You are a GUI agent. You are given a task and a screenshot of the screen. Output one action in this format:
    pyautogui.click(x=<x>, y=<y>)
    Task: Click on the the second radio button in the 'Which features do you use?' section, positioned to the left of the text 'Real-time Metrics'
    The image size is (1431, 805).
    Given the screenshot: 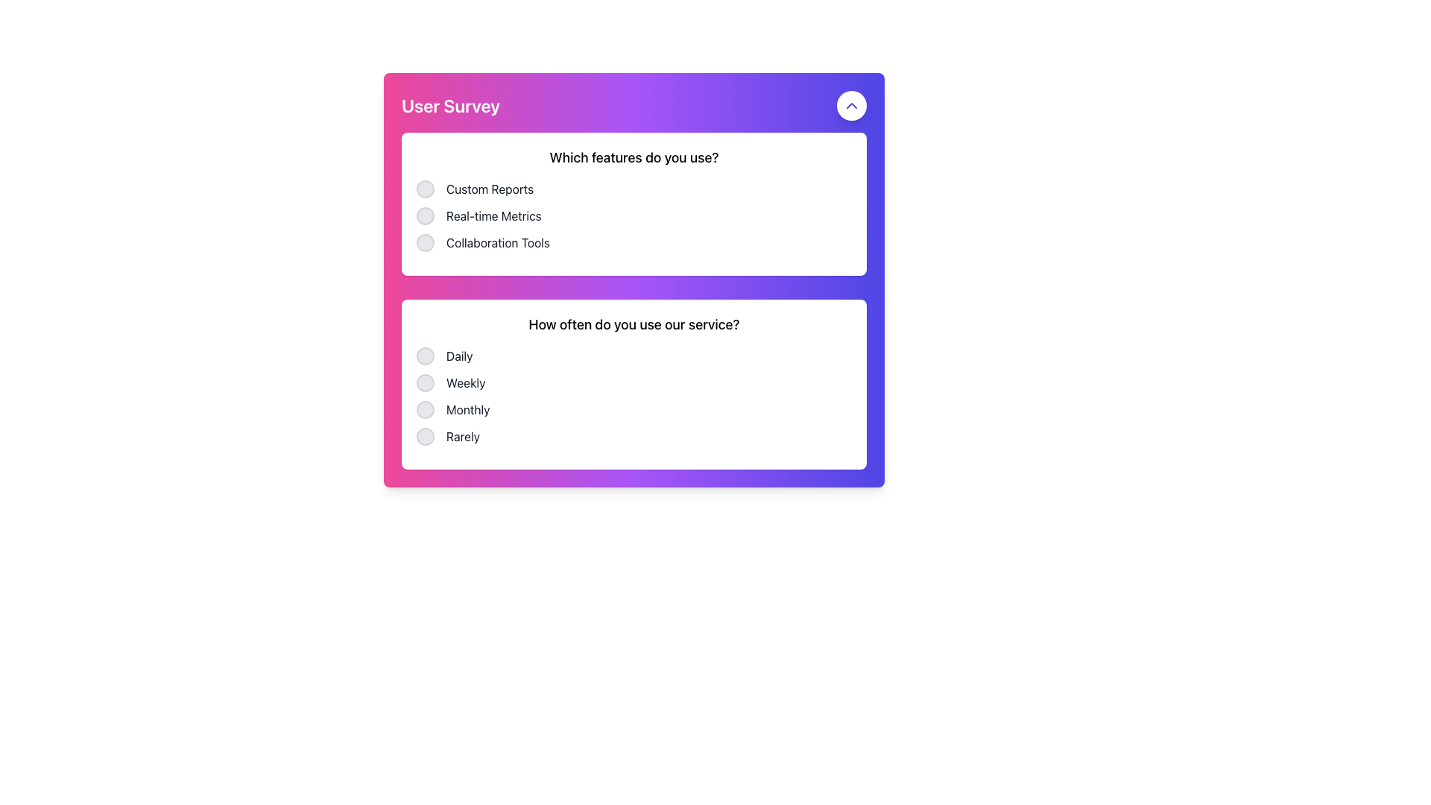 What is the action you would take?
    pyautogui.click(x=425, y=215)
    